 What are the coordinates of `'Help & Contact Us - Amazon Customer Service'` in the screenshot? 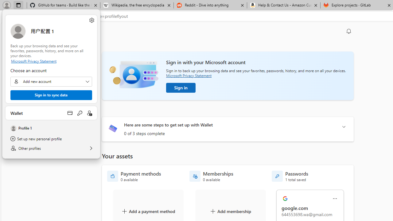 It's located at (283, 5).